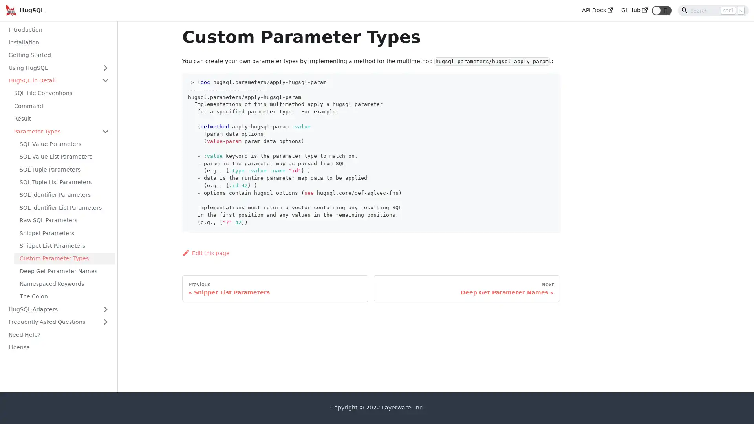  I want to click on Toggle the collapsible sidebar category 'HugSQL Adapters', so click(105, 309).